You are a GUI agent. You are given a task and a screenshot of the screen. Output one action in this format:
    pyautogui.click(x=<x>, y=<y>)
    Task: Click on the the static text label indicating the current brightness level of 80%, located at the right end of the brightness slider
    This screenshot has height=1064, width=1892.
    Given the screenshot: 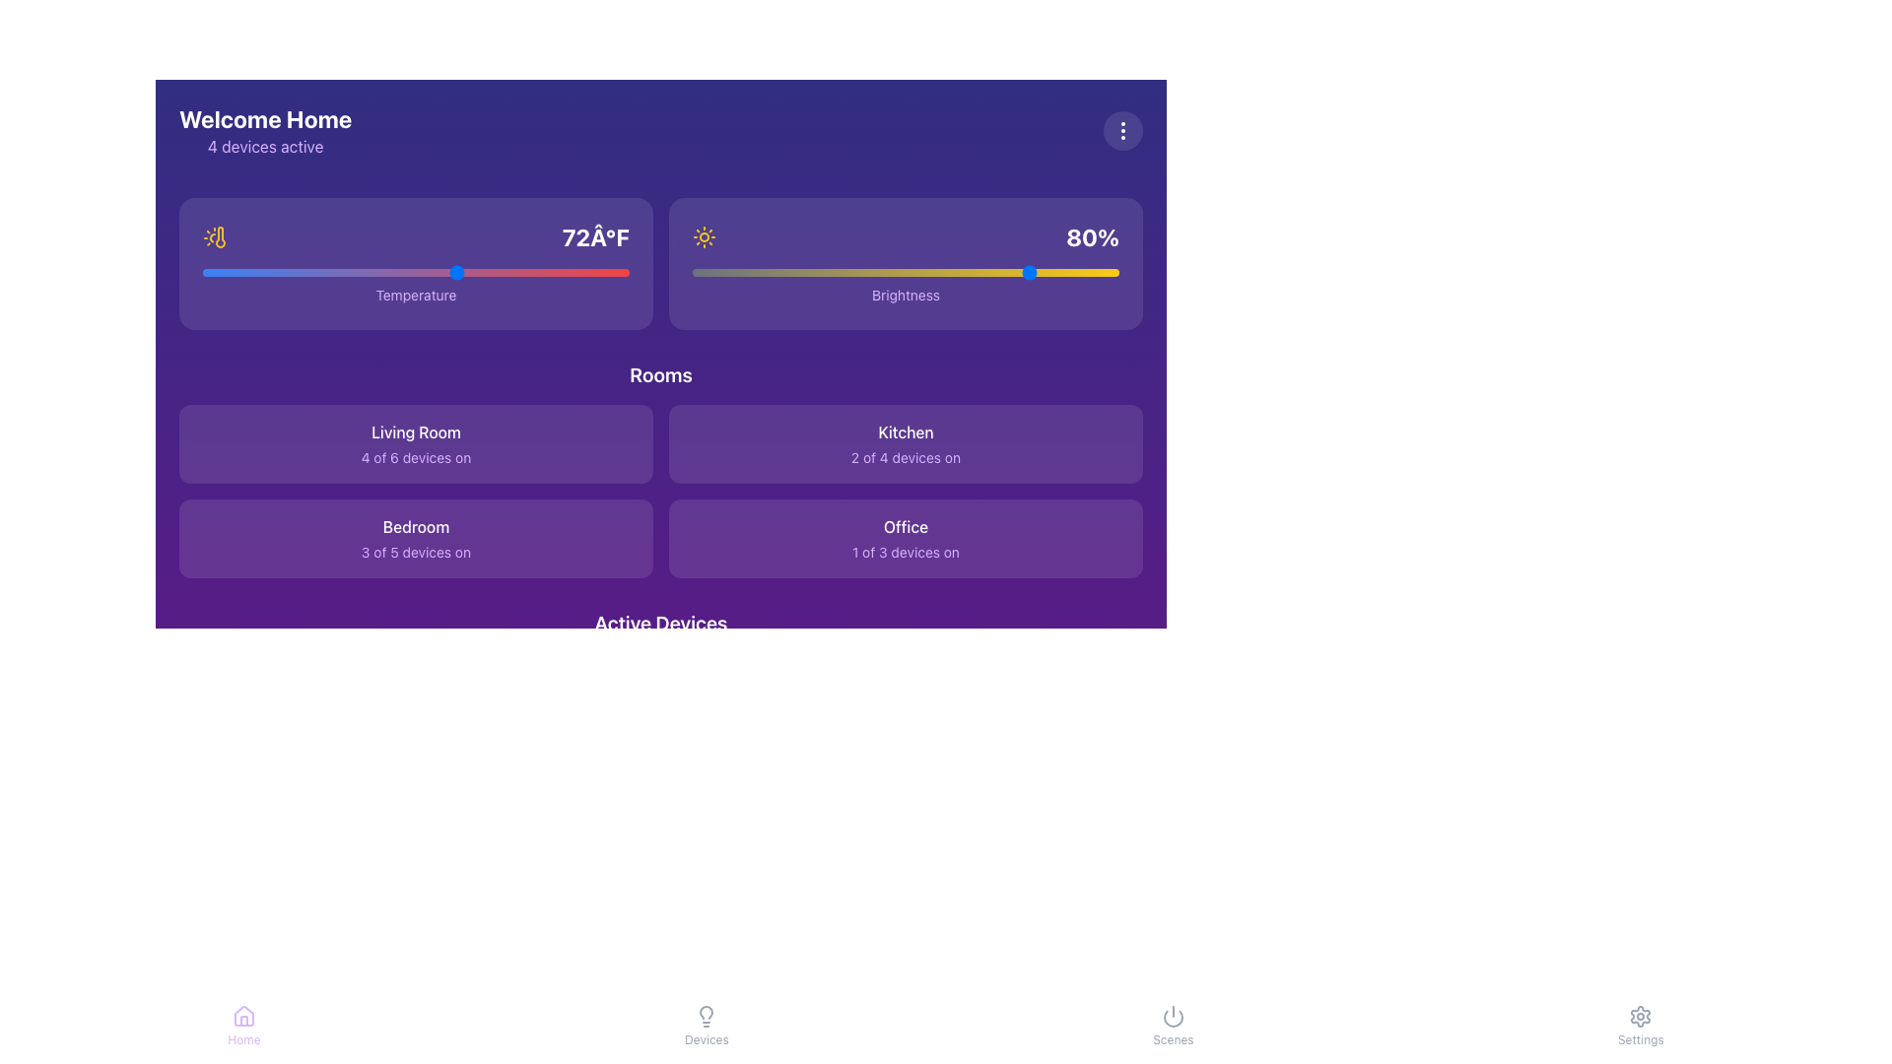 What is the action you would take?
    pyautogui.click(x=1092, y=235)
    